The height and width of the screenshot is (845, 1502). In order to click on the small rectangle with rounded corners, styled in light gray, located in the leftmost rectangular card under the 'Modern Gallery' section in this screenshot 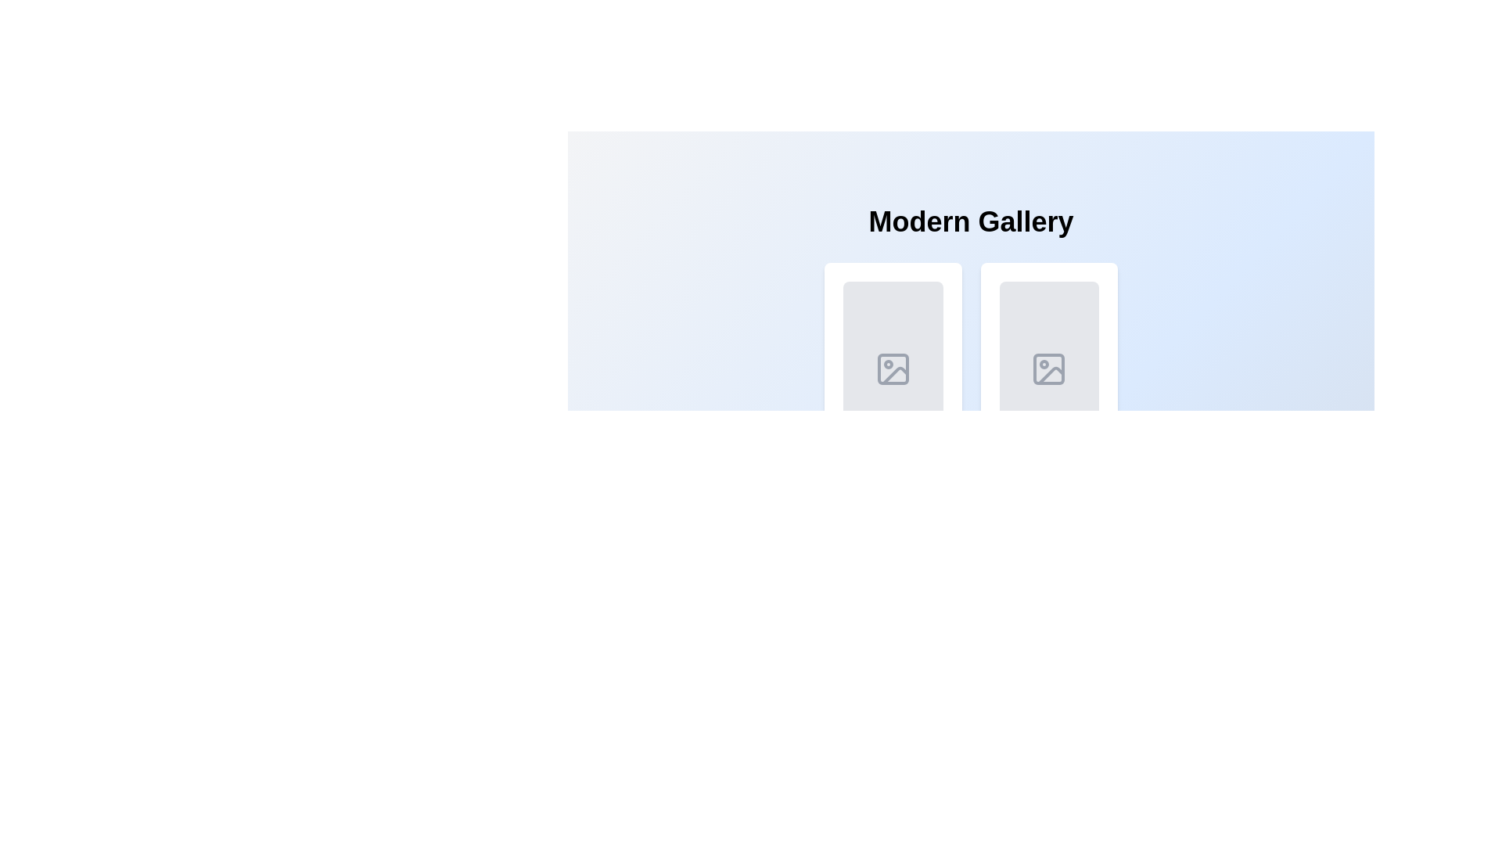, I will do `click(893, 369)`.